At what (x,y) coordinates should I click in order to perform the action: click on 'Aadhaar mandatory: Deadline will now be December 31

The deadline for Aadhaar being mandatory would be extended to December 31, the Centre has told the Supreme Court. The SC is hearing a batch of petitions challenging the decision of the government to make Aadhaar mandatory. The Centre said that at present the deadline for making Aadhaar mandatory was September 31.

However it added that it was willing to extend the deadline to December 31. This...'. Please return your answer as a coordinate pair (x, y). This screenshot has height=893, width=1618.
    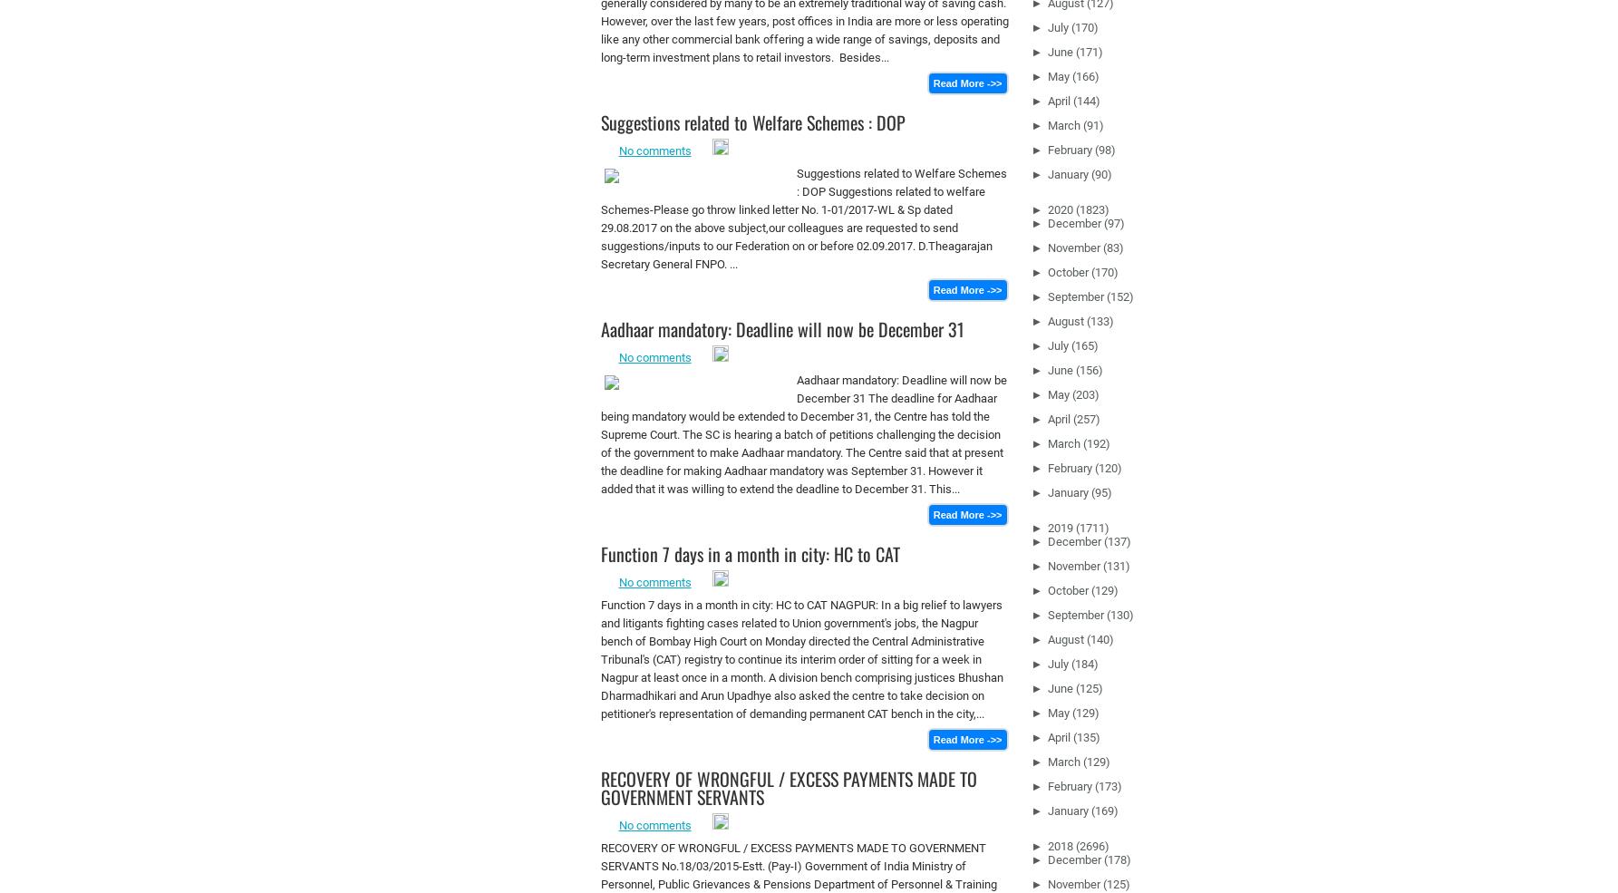
    Looking at the image, I should click on (599, 433).